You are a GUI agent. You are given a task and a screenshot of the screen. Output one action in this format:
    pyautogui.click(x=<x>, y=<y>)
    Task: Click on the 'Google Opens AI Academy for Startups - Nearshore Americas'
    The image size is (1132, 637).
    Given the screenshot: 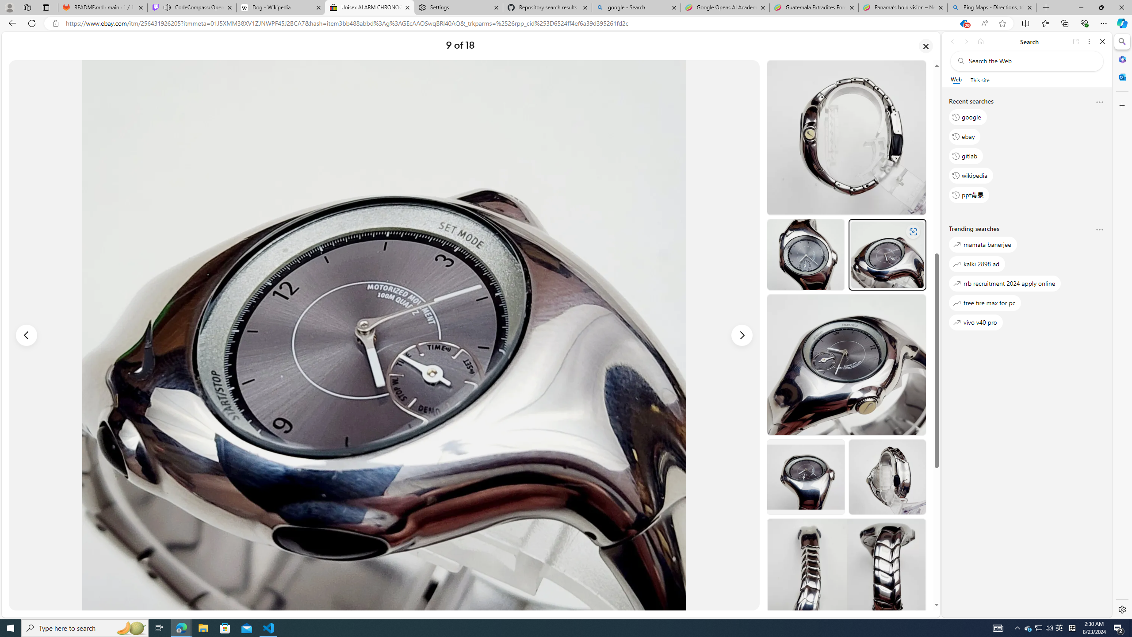 What is the action you would take?
    pyautogui.click(x=724, y=7)
    